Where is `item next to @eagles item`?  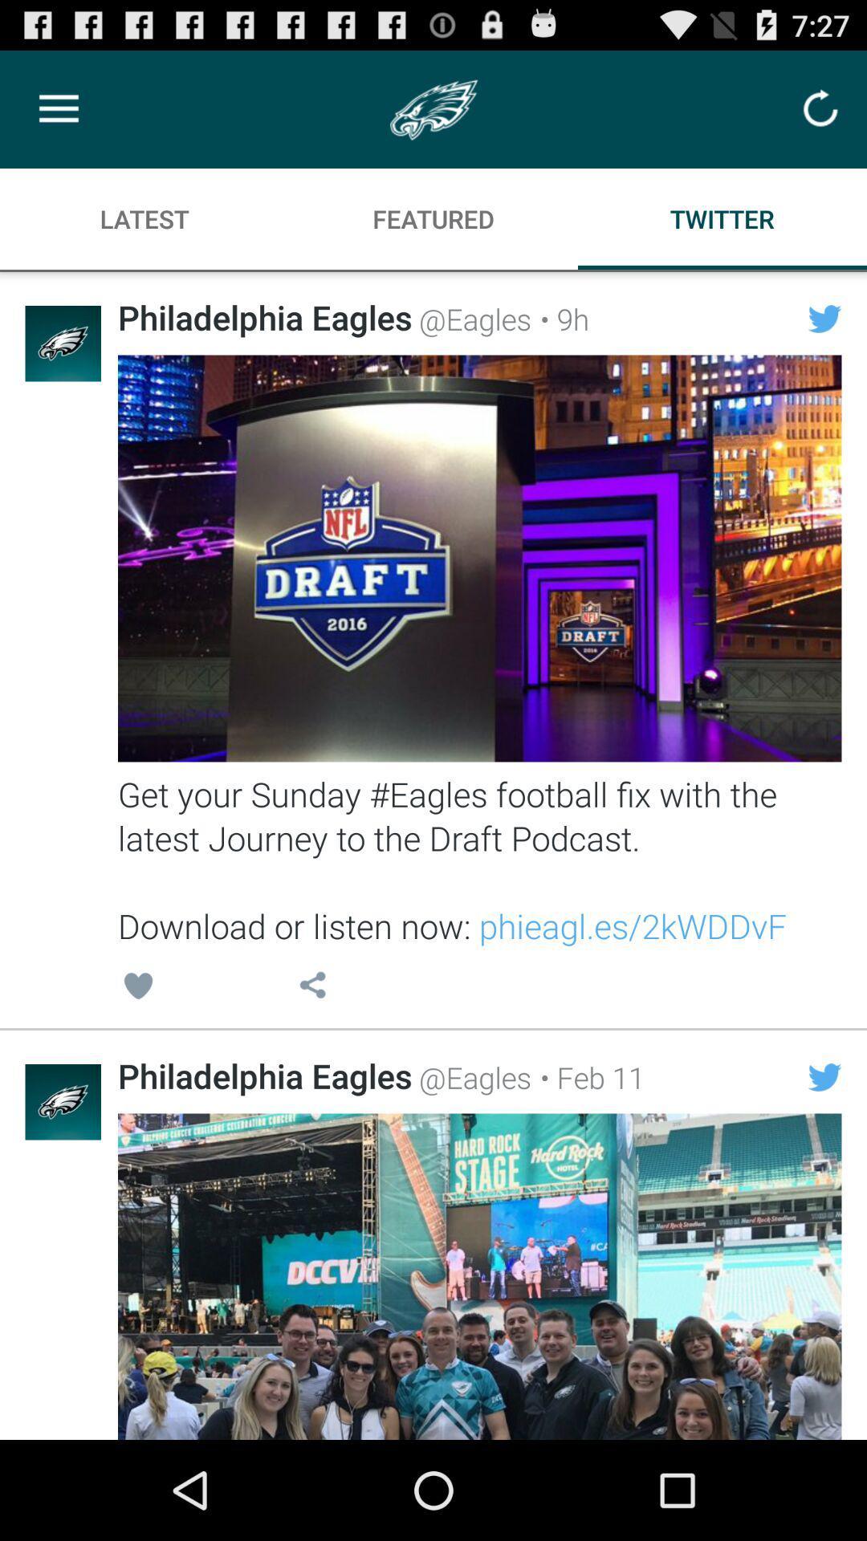
item next to @eagles item is located at coordinates (560, 319).